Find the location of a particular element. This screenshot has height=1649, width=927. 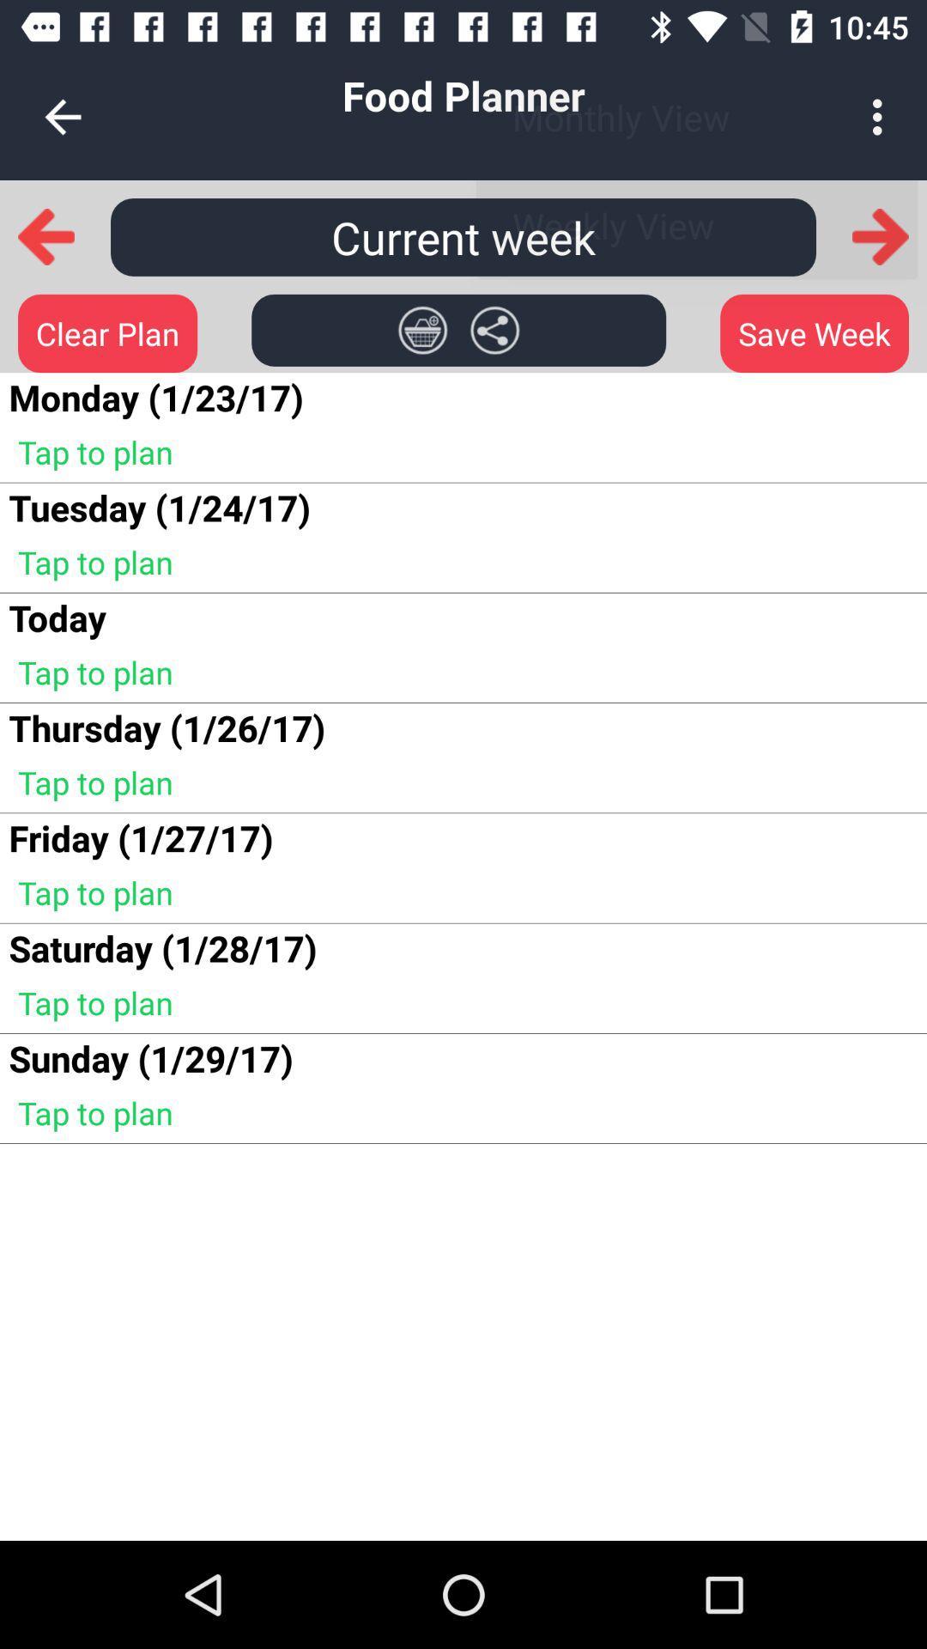

item below the current week icon is located at coordinates (422, 330).